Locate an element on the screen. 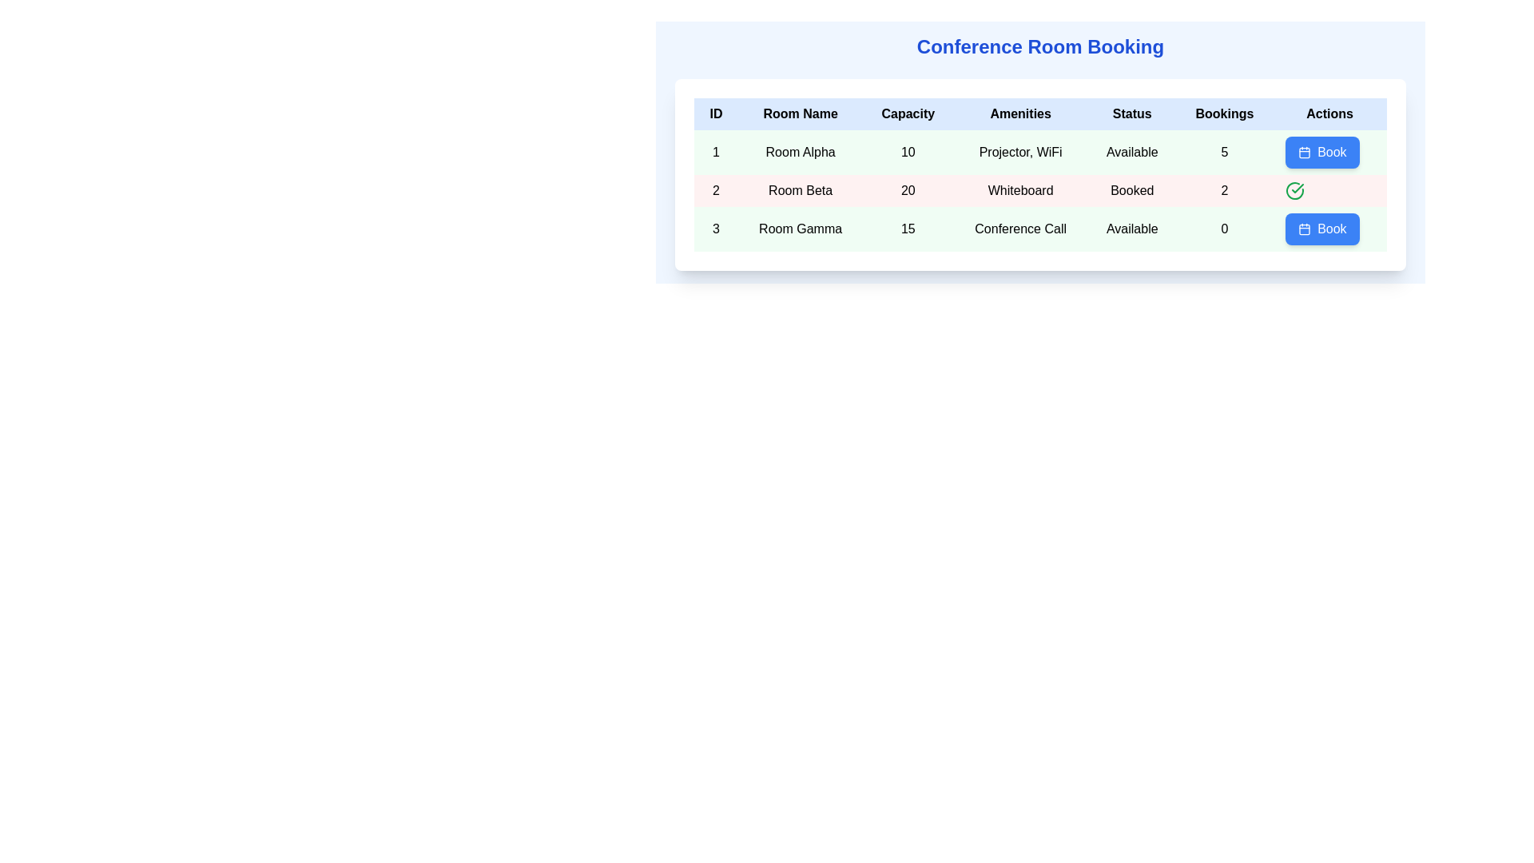 The image size is (1534, 863). the 'Room Name' header label, which is the second column in the header row of the table and is positioned between the 'ID' and 'Capacity' columns is located at coordinates (801, 113).